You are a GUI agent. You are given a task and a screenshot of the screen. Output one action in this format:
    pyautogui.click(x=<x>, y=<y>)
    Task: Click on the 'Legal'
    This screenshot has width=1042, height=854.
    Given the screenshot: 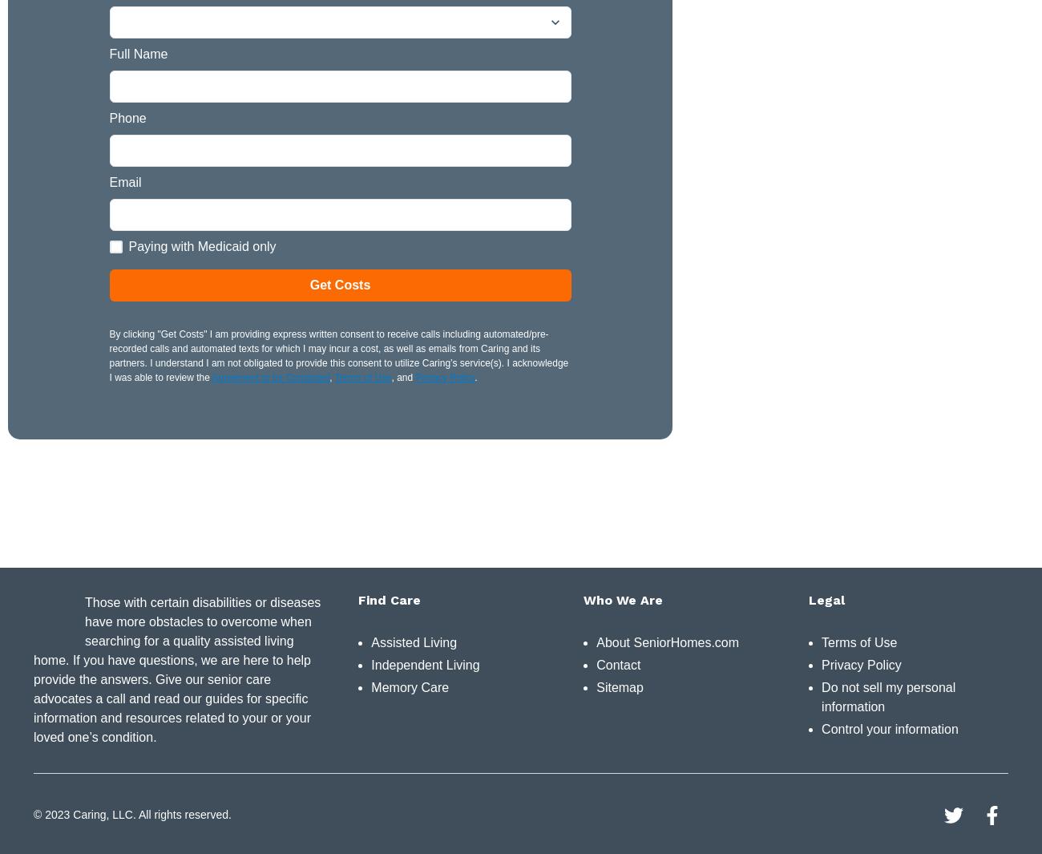 What is the action you would take?
    pyautogui.click(x=826, y=599)
    